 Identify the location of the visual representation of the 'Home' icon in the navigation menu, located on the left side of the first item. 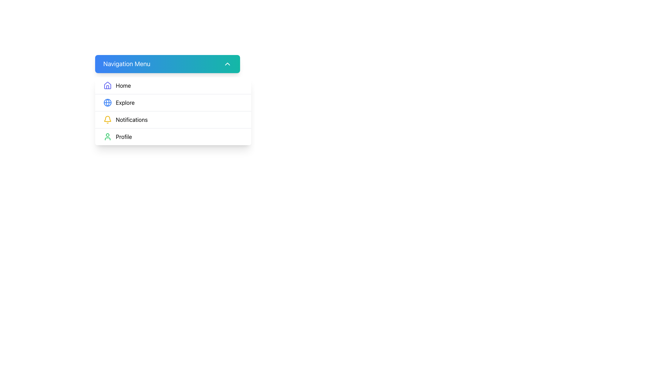
(107, 85).